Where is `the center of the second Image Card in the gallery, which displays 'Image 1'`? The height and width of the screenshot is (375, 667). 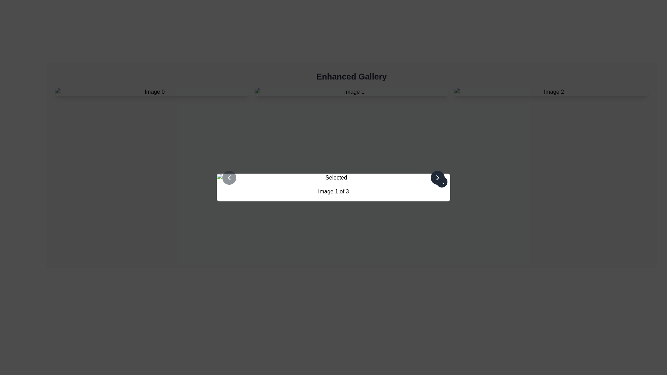 the center of the second Image Card in the gallery, which displays 'Image 1' is located at coordinates (352, 92).